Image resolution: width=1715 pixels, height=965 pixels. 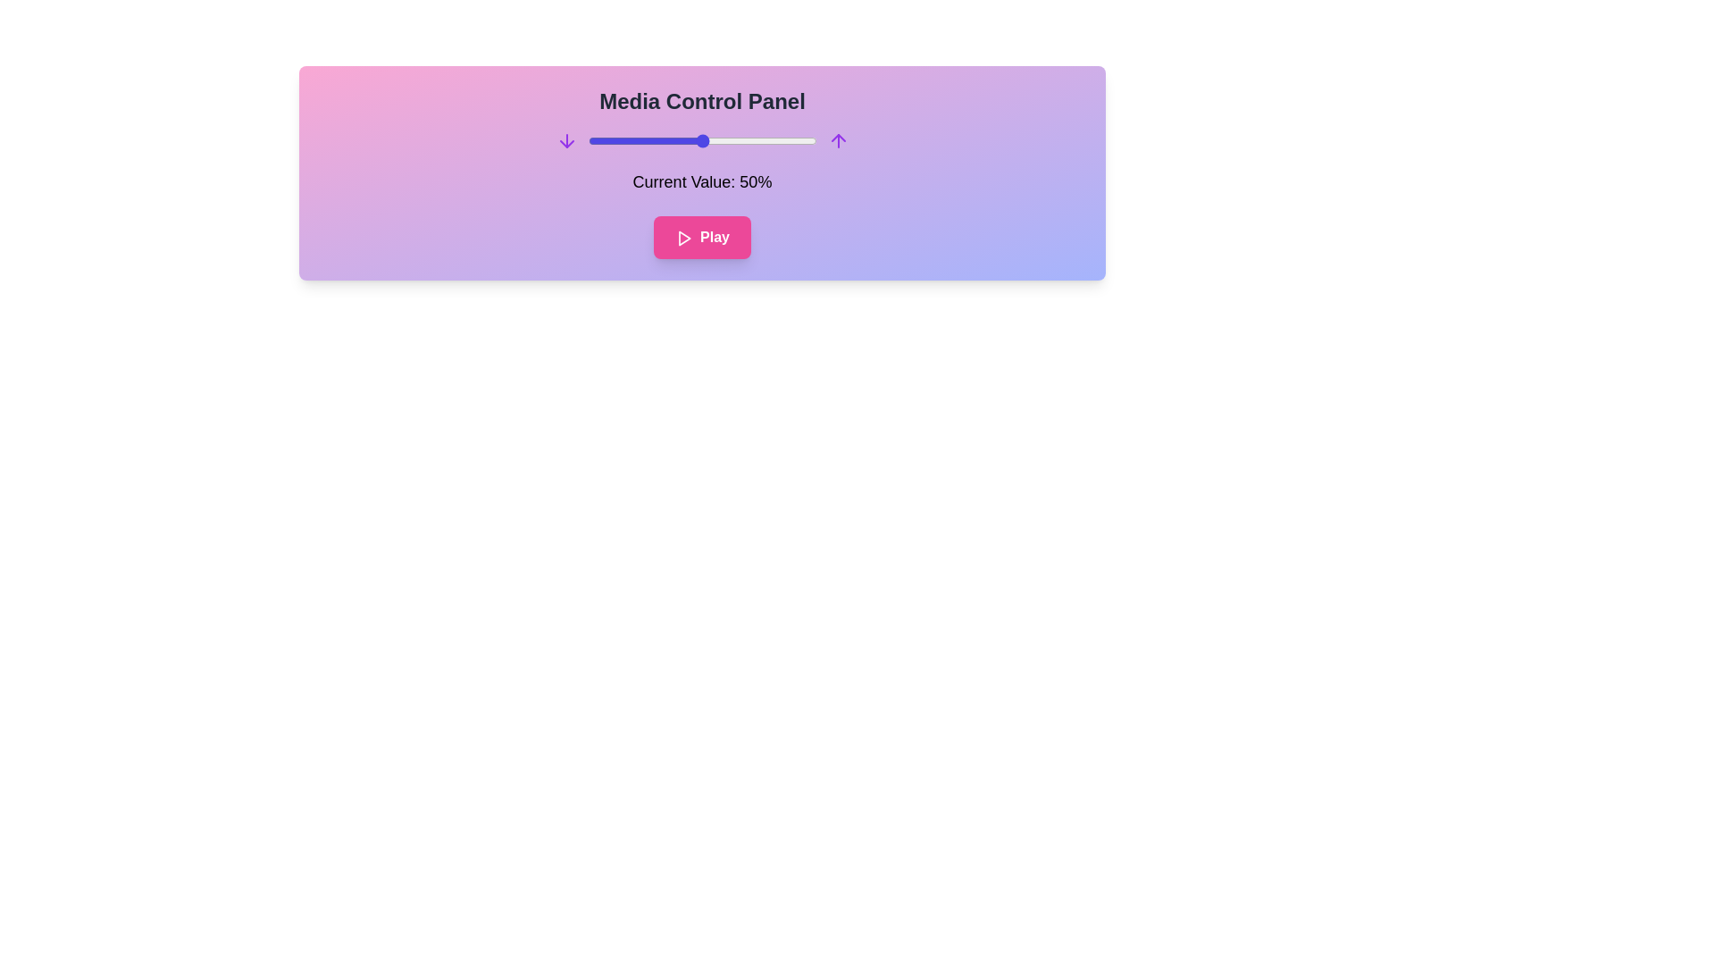 What do you see at coordinates (685, 140) in the screenshot?
I see `the slider to set its value to 43` at bounding box center [685, 140].